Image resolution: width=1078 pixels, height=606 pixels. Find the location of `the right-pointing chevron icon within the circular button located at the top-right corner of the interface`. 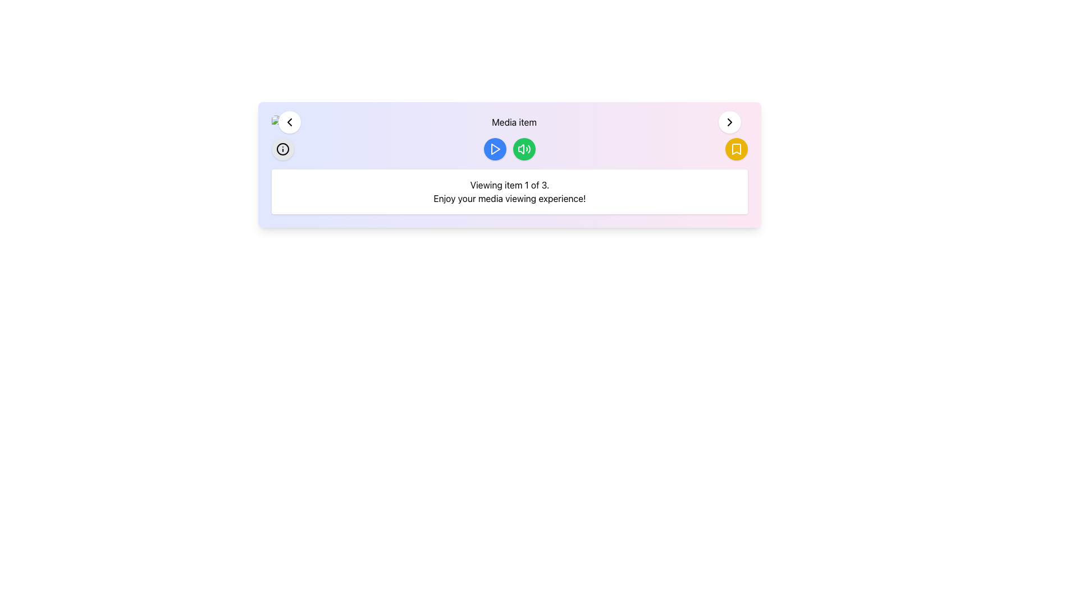

the right-pointing chevron icon within the circular button located at the top-right corner of the interface is located at coordinates (730, 122).